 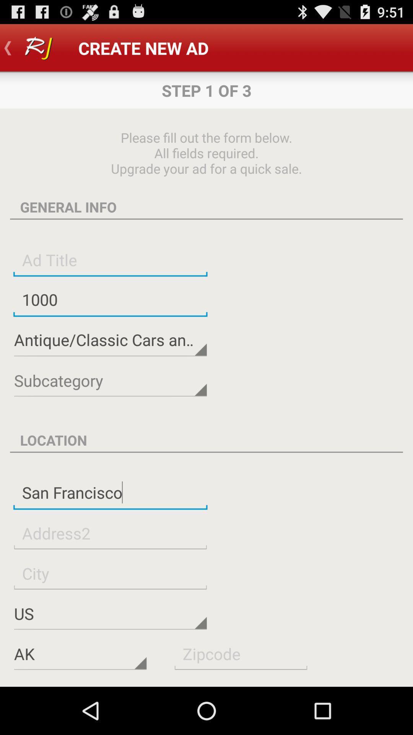 I want to click on insert advertisement title, so click(x=110, y=260).